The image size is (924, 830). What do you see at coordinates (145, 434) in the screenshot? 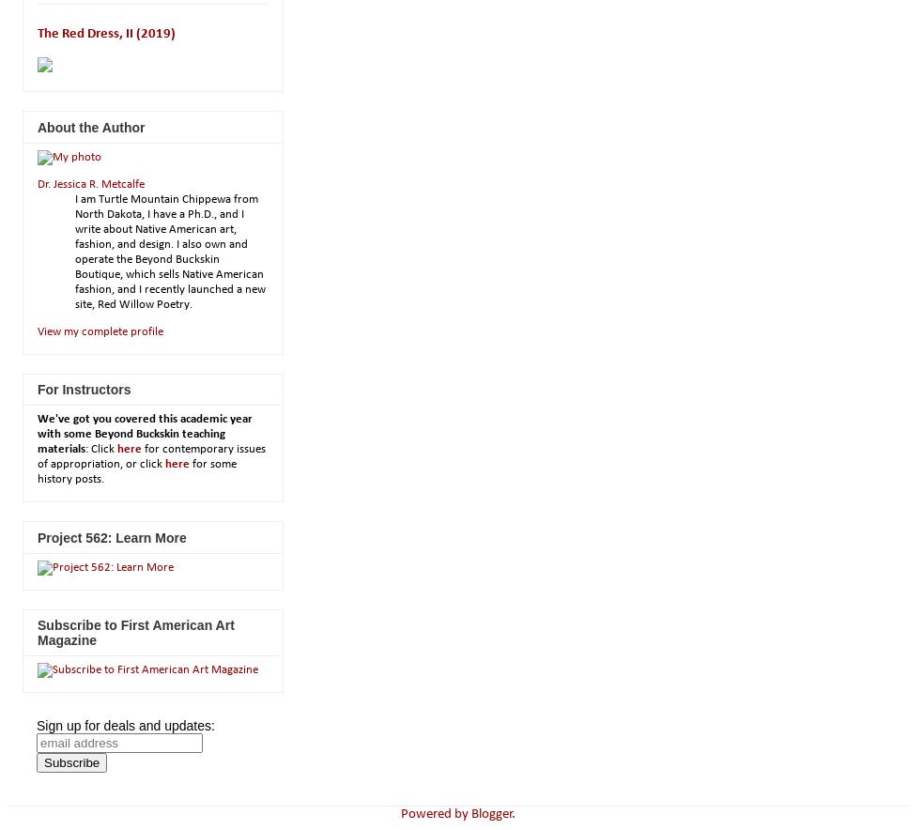
I see `'We've got you covered this academic year with some Beyond Buckskin teaching materials'` at bounding box center [145, 434].